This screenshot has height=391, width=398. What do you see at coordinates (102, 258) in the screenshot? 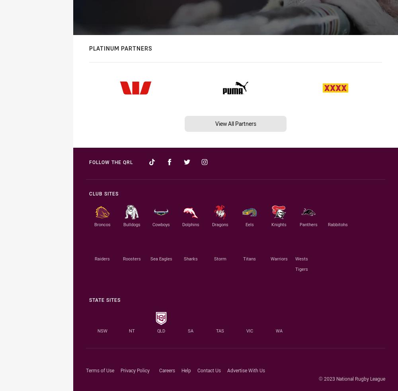
I see `'Raiders'` at bounding box center [102, 258].